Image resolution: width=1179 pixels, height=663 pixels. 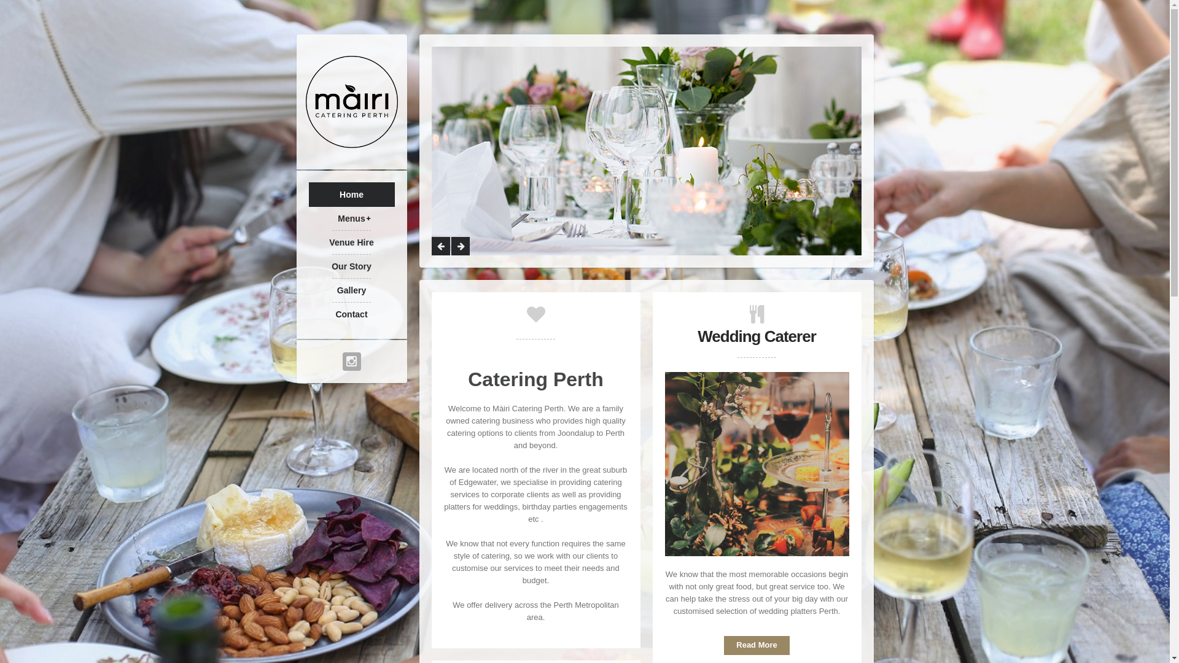 What do you see at coordinates (350, 290) in the screenshot?
I see `'Gallery'` at bounding box center [350, 290].